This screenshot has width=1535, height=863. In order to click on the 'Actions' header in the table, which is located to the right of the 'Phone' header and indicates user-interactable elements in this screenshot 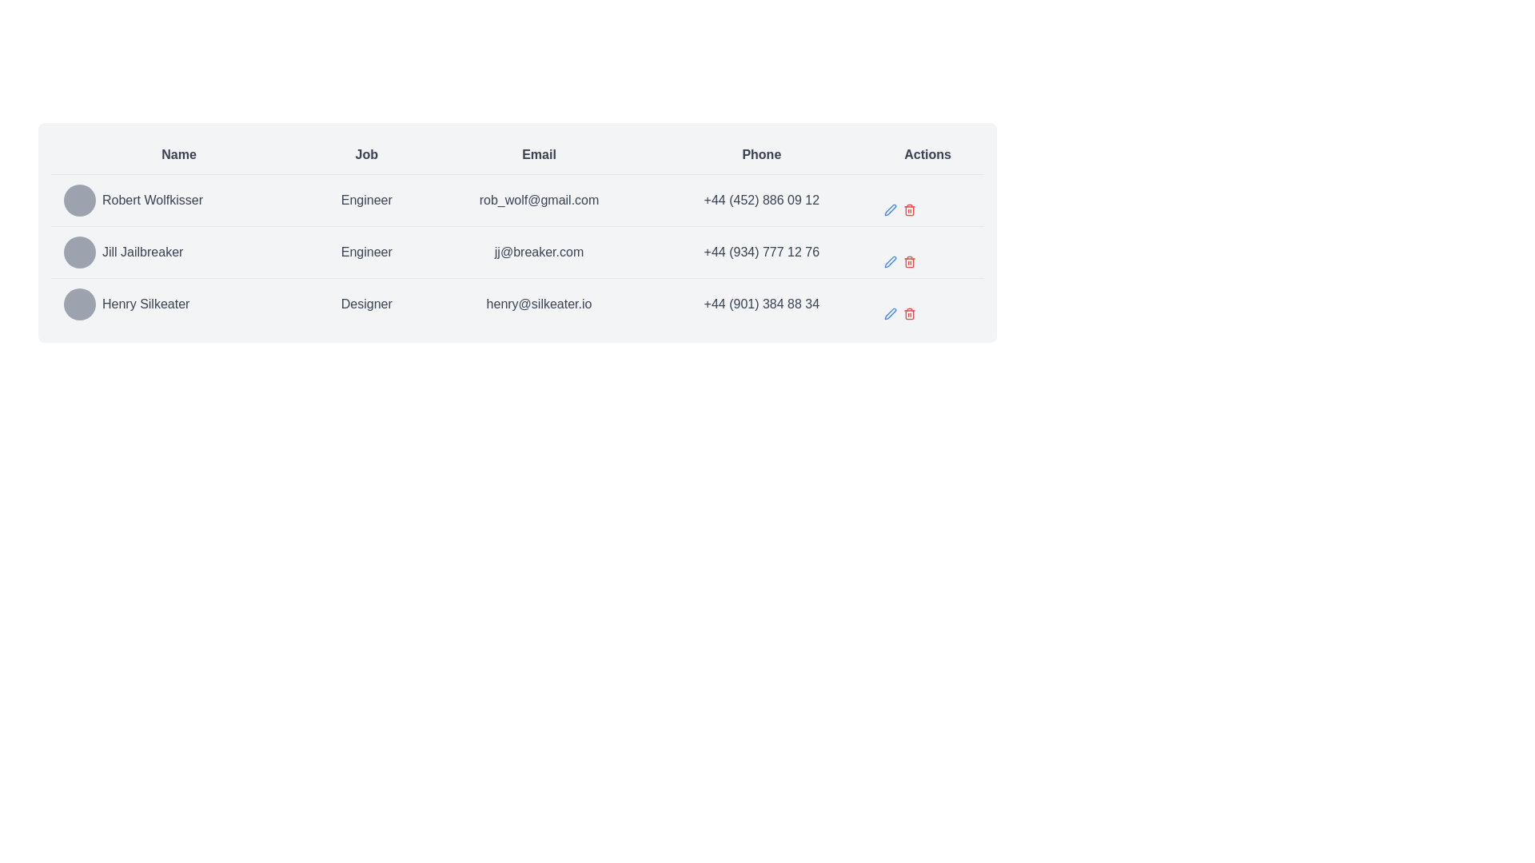, I will do `click(927, 155)`.